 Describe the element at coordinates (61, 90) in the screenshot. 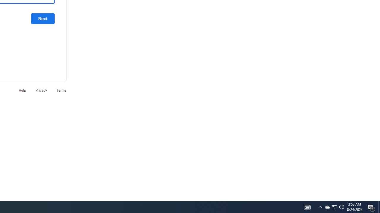

I see `'Terms'` at that location.